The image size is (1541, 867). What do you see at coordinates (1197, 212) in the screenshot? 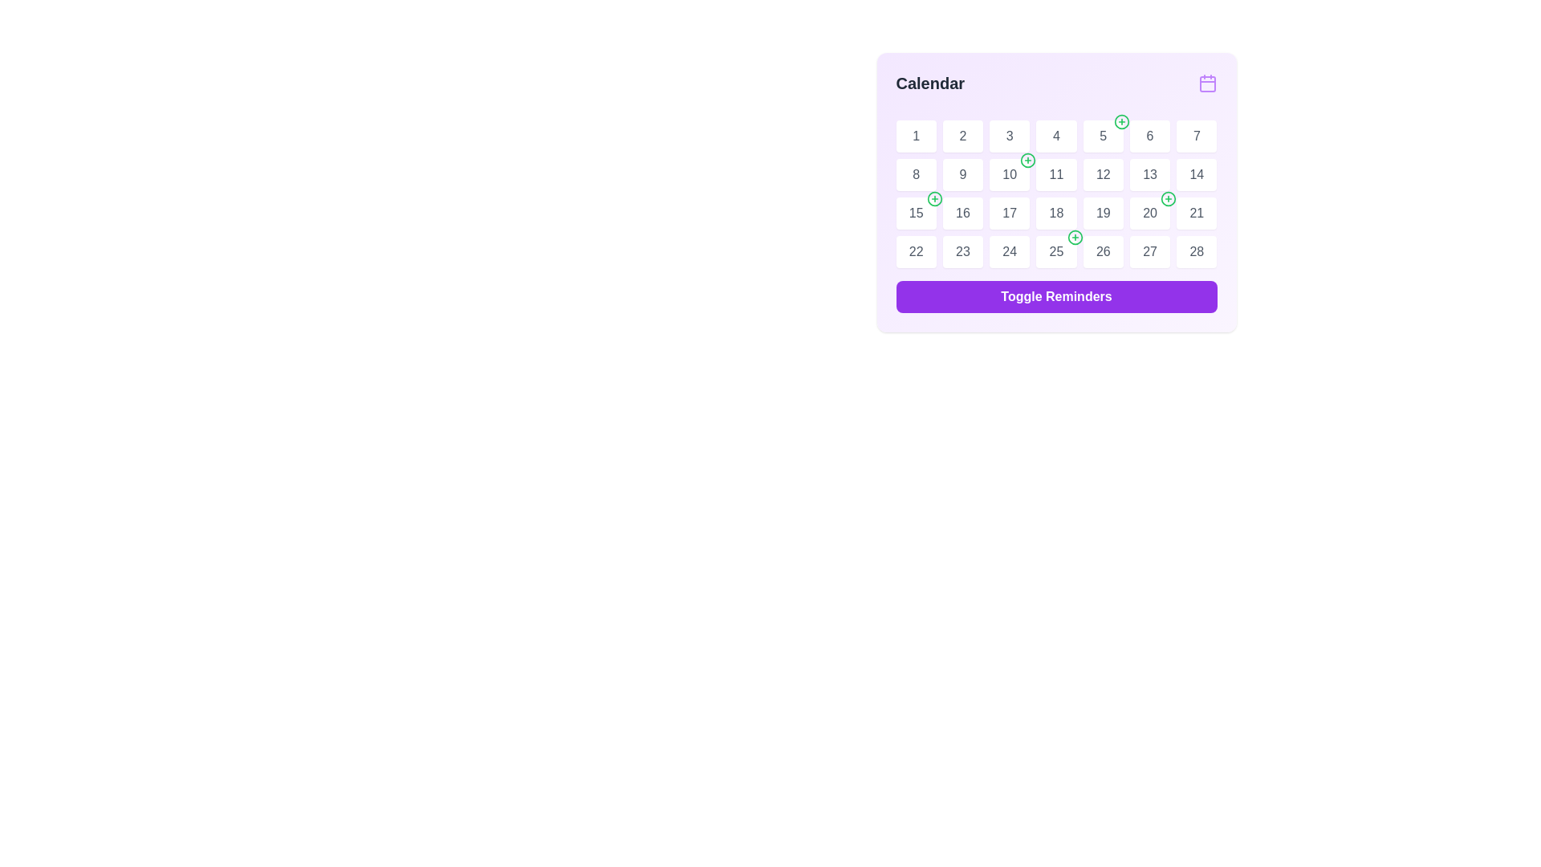
I see `the text display element showing the number '21' in light gray, located in the third row and third column of the calendar grid in the top right of the interface` at bounding box center [1197, 212].